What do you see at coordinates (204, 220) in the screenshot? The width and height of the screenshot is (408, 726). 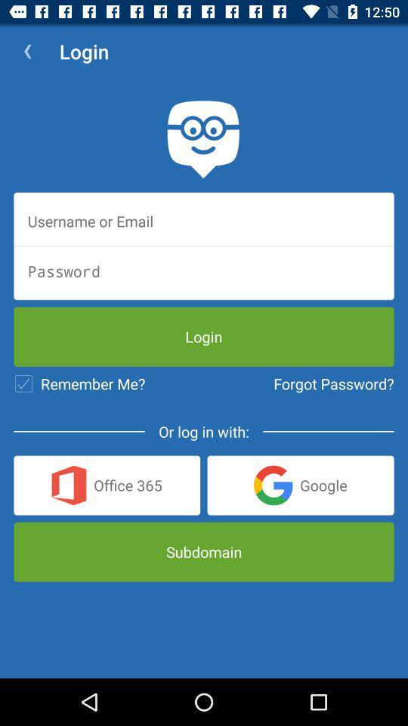 I see `because back devicer` at bounding box center [204, 220].